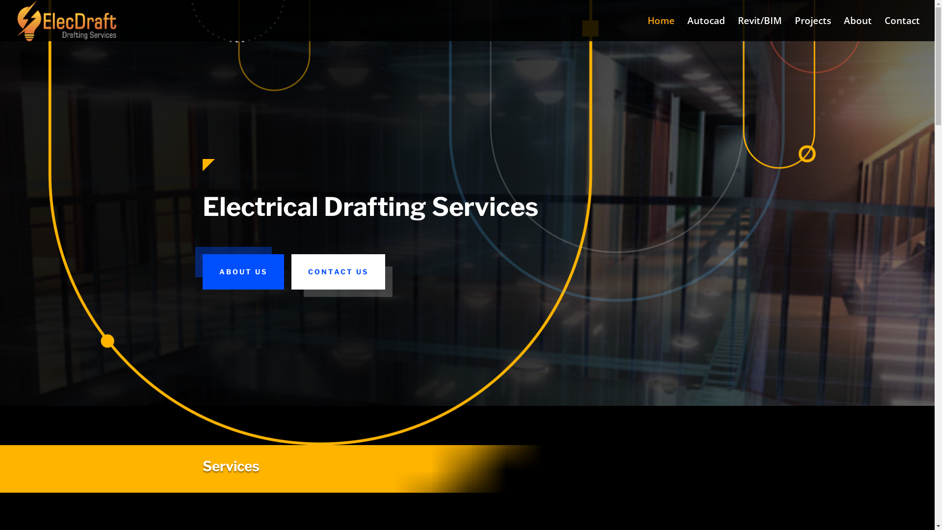 This screenshot has height=530, width=942. What do you see at coordinates (857, 28) in the screenshot?
I see `'About'` at bounding box center [857, 28].